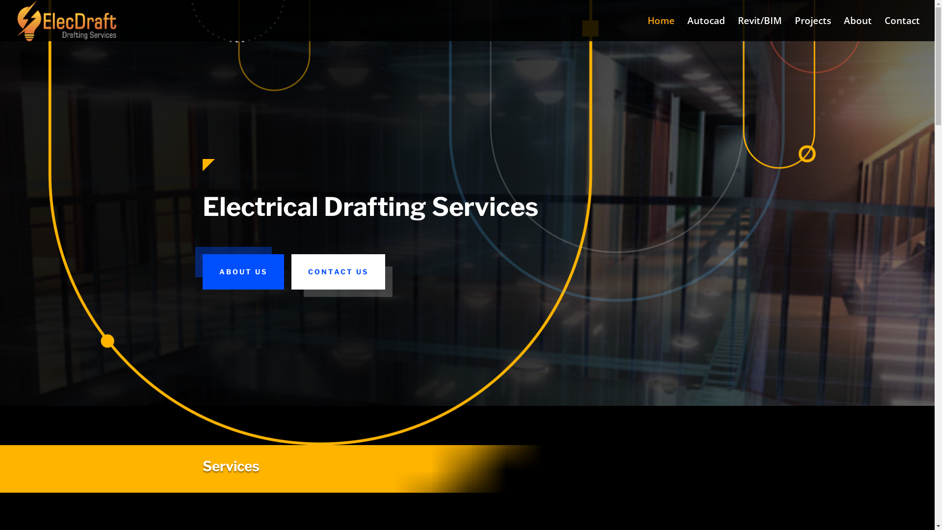 This screenshot has height=530, width=942. What do you see at coordinates (857, 28) in the screenshot?
I see `'About'` at bounding box center [857, 28].